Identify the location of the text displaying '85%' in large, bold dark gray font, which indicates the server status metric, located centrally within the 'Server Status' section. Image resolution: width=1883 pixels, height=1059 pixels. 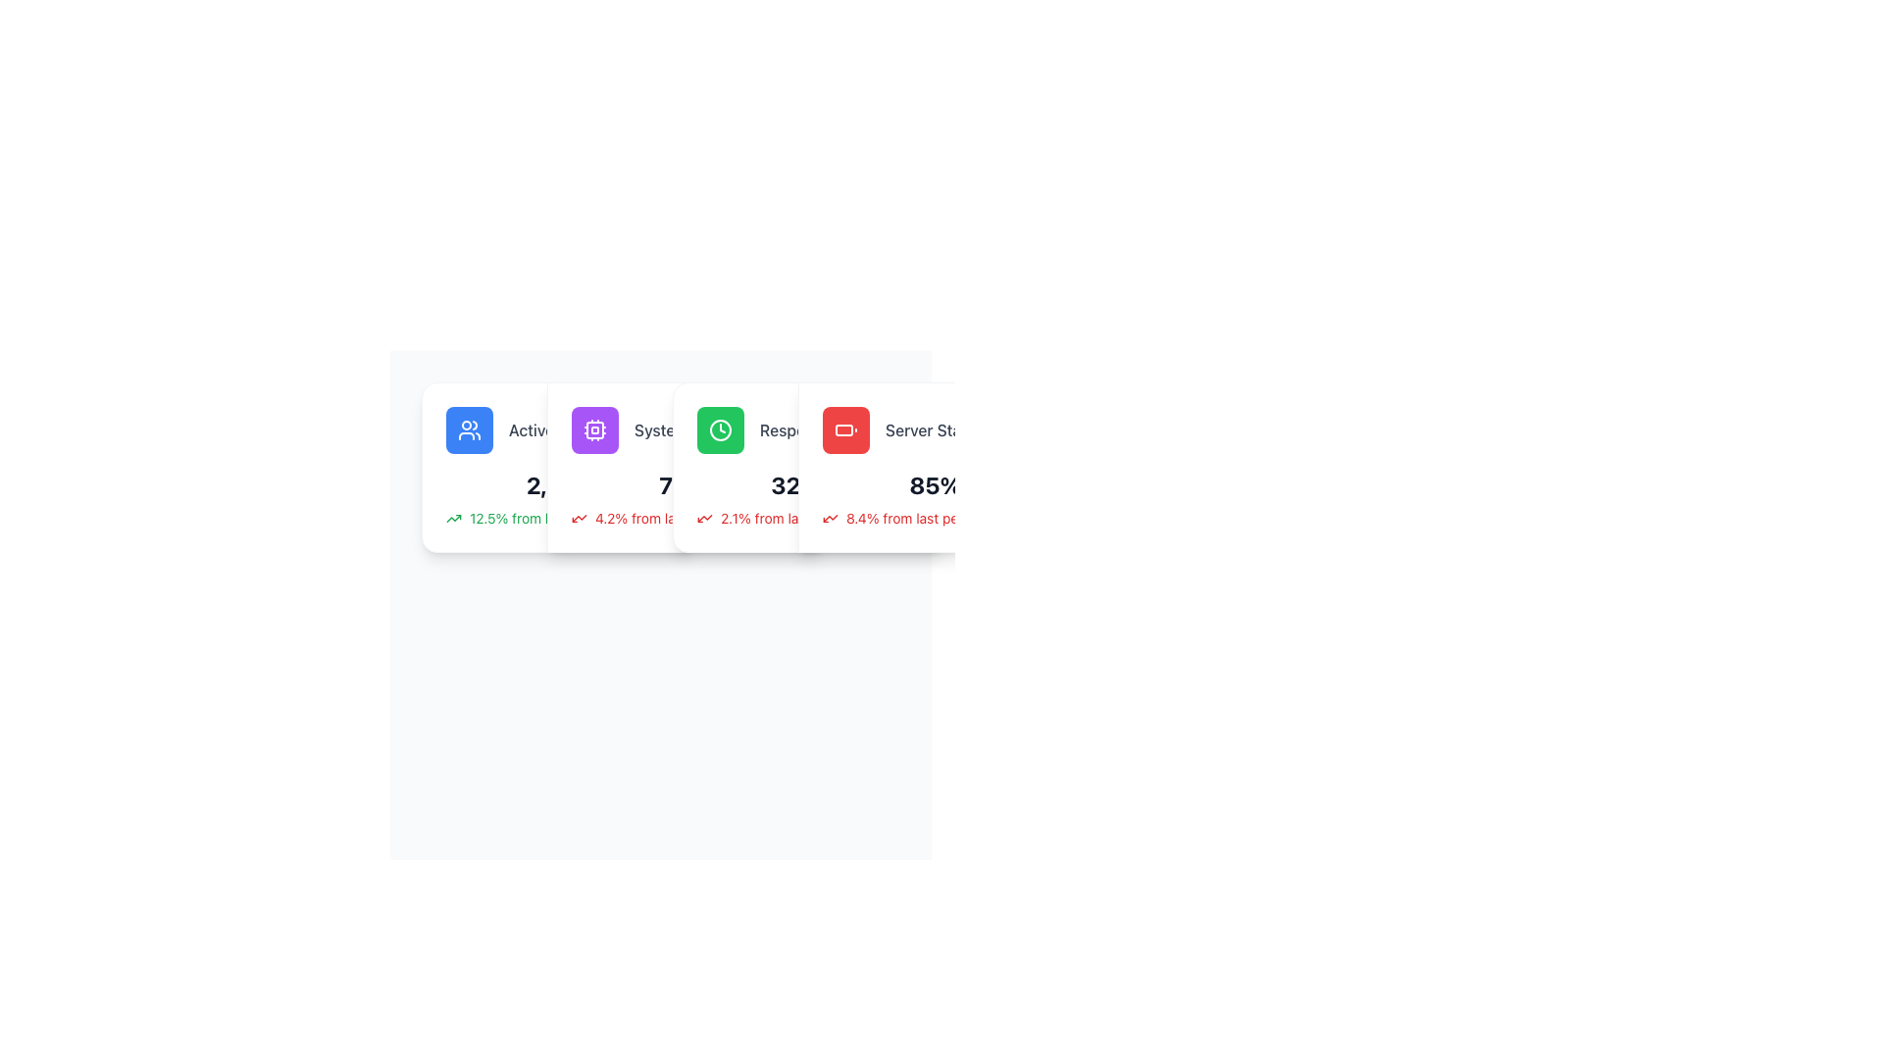
(935, 484).